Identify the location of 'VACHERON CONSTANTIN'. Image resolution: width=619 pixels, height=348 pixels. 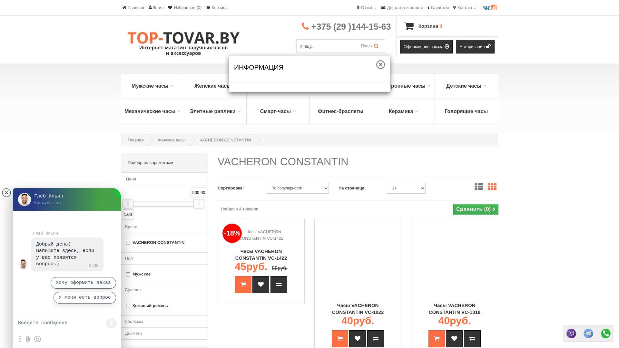
(225, 140).